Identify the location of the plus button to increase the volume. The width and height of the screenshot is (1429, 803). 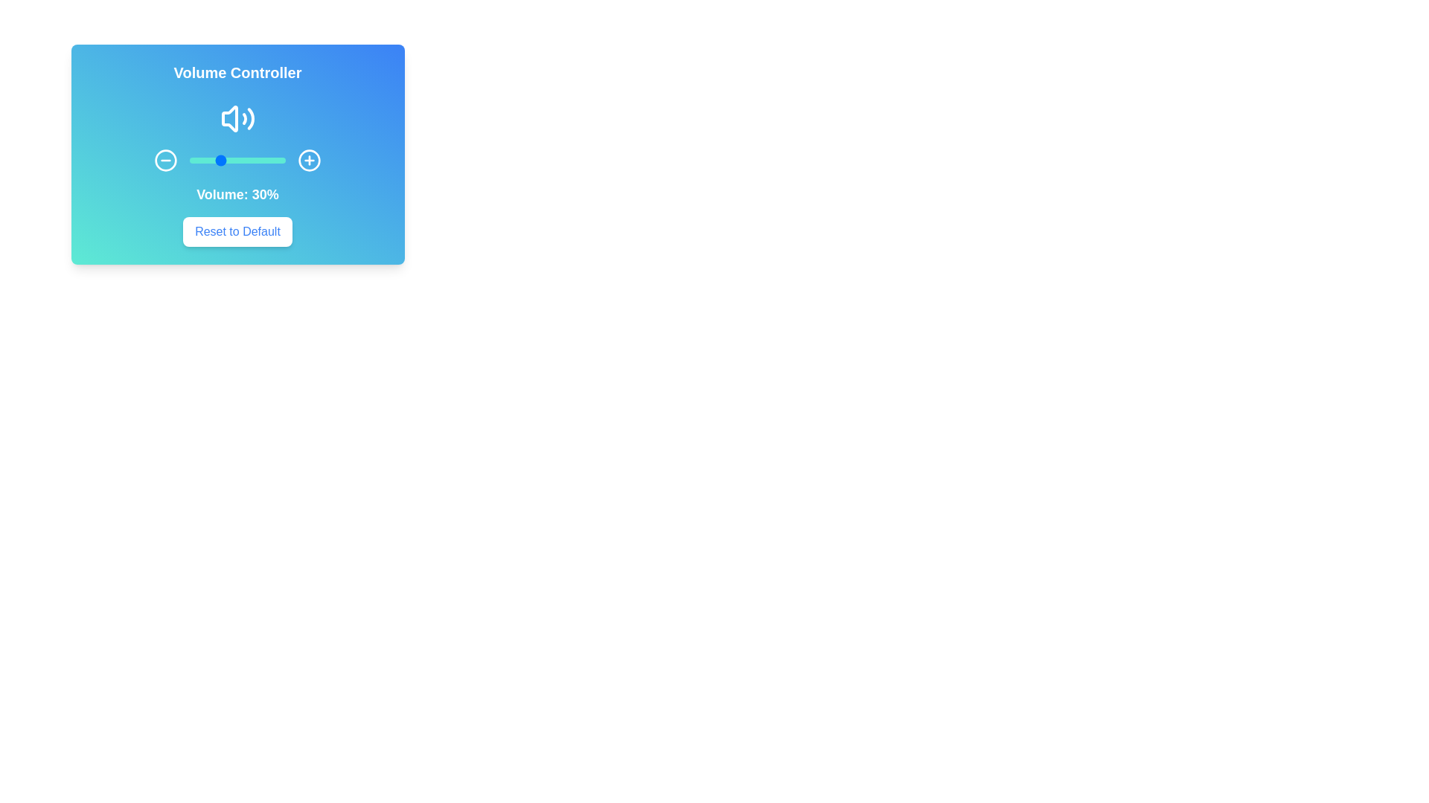
(309, 161).